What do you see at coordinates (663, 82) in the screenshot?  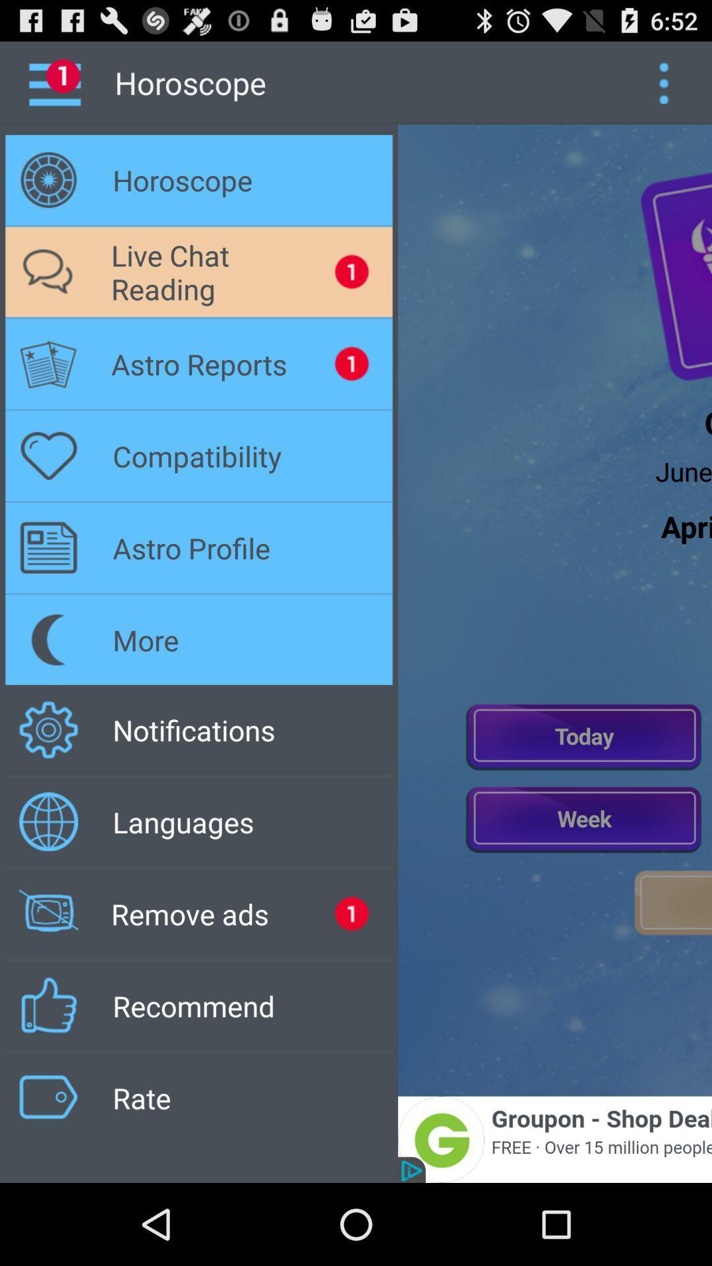 I see `open options tab` at bounding box center [663, 82].